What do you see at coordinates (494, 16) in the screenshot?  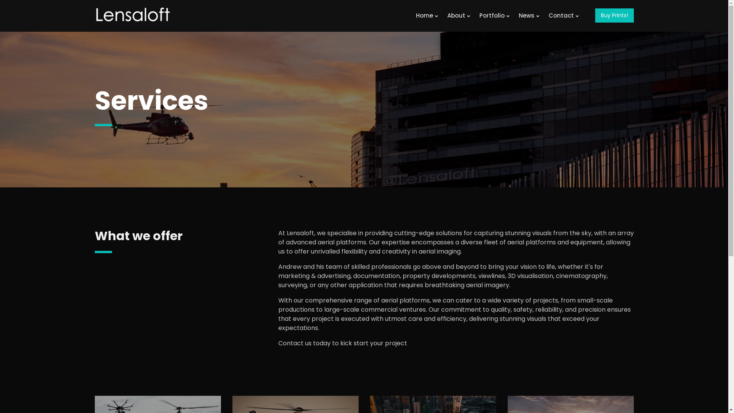 I see `'Portfolio'` at bounding box center [494, 16].